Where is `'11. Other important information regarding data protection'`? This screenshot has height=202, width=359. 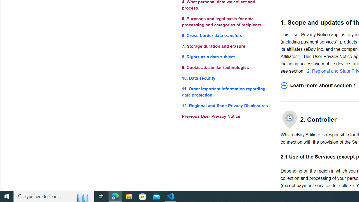 '11. Other important information regarding data protection' is located at coordinates (227, 92).